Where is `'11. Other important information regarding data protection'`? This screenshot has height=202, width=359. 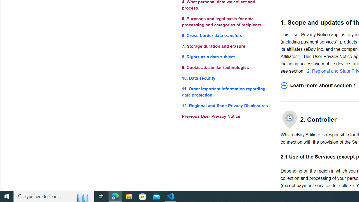 '11. Other important information regarding data protection' is located at coordinates (227, 92).